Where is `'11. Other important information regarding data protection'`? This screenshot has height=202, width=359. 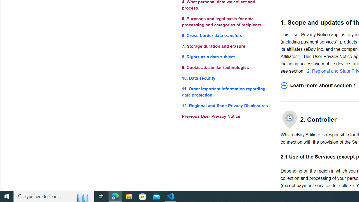 '11. Other important information regarding data protection' is located at coordinates (227, 92).